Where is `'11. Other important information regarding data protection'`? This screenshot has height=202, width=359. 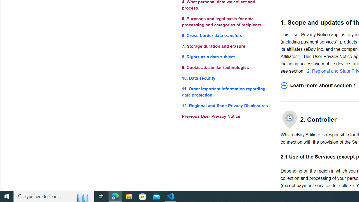 '11. Other important information regarding data protection' is located at coordinates (227, 92).